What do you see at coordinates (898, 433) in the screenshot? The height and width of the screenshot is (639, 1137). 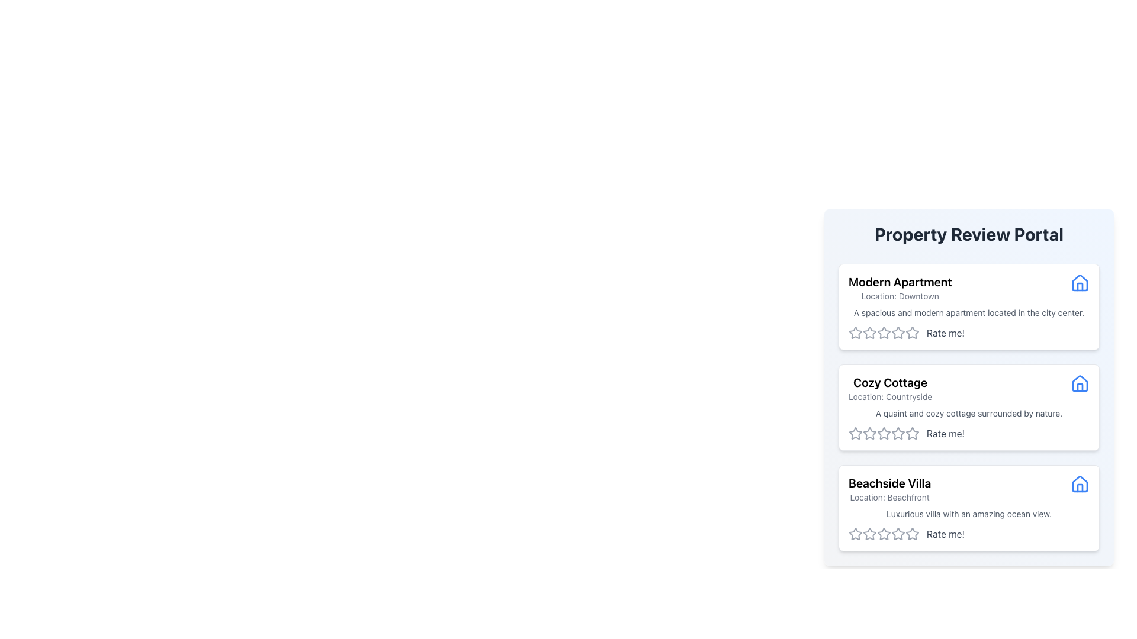 I see `the fourth outlined star icon in gray color of the rating controls for the 'Cozy Cottage' property` at bounding box center [898, 433].